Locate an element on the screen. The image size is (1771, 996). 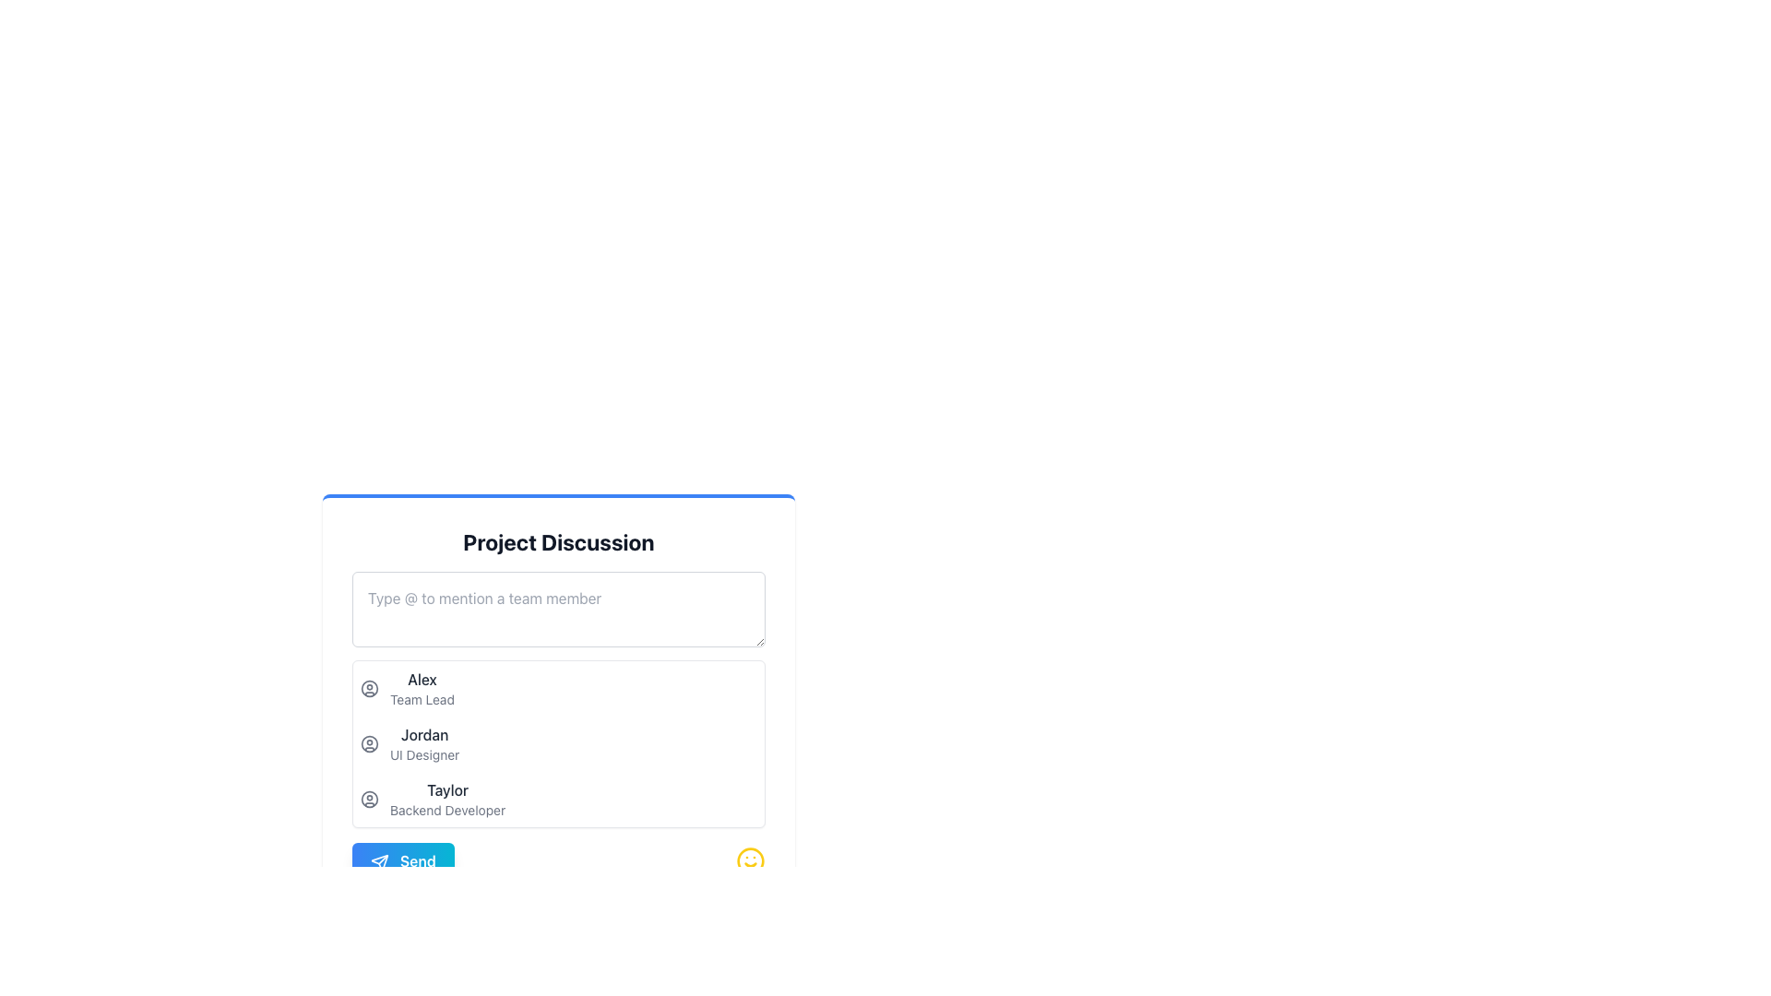
the text label indicating the name 'Jordan', which identifies a team member listed in the team members section is located at coordinates (423, 734).